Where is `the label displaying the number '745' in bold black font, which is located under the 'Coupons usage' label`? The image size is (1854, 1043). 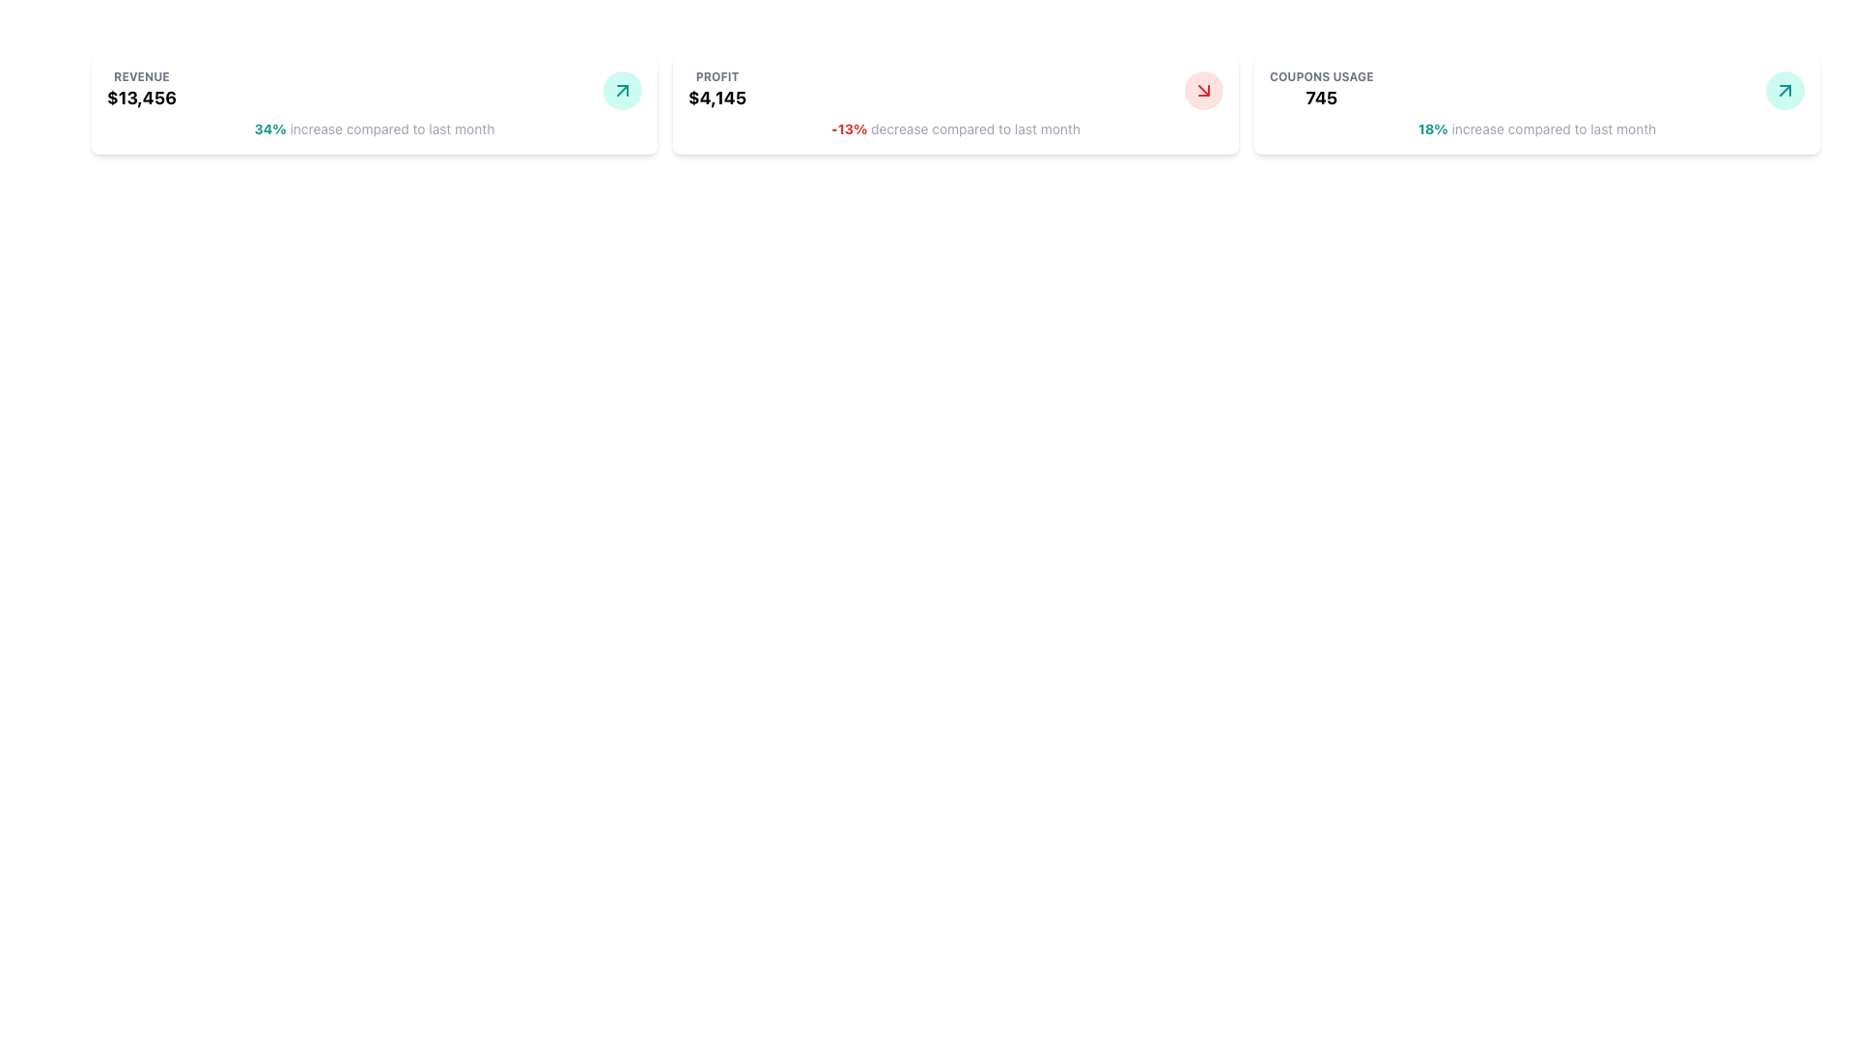
the label displaying the number '745' in bold black font, which is located under the 'Coupons usage' label is located at coordinates (1320, 98).